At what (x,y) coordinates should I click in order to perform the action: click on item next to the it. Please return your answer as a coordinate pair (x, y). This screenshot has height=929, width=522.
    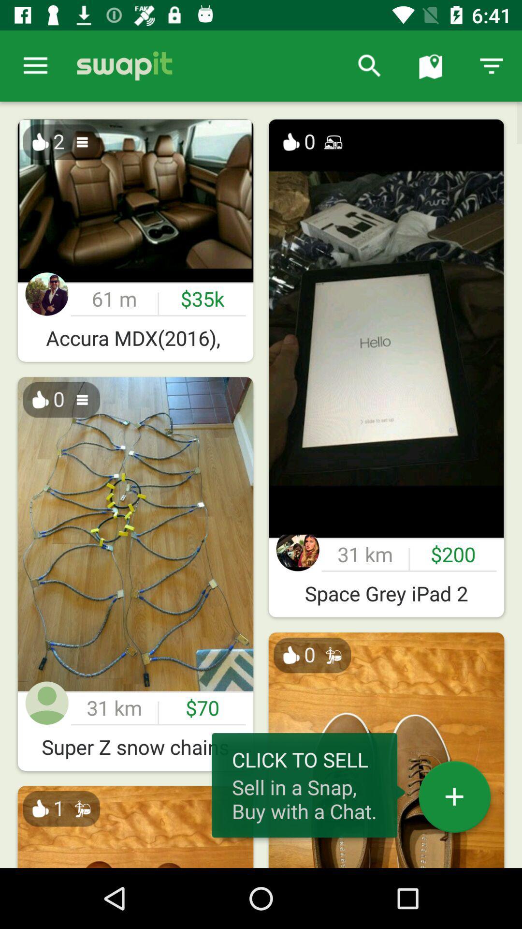
    Looking at the image, I should click on (369, 65).